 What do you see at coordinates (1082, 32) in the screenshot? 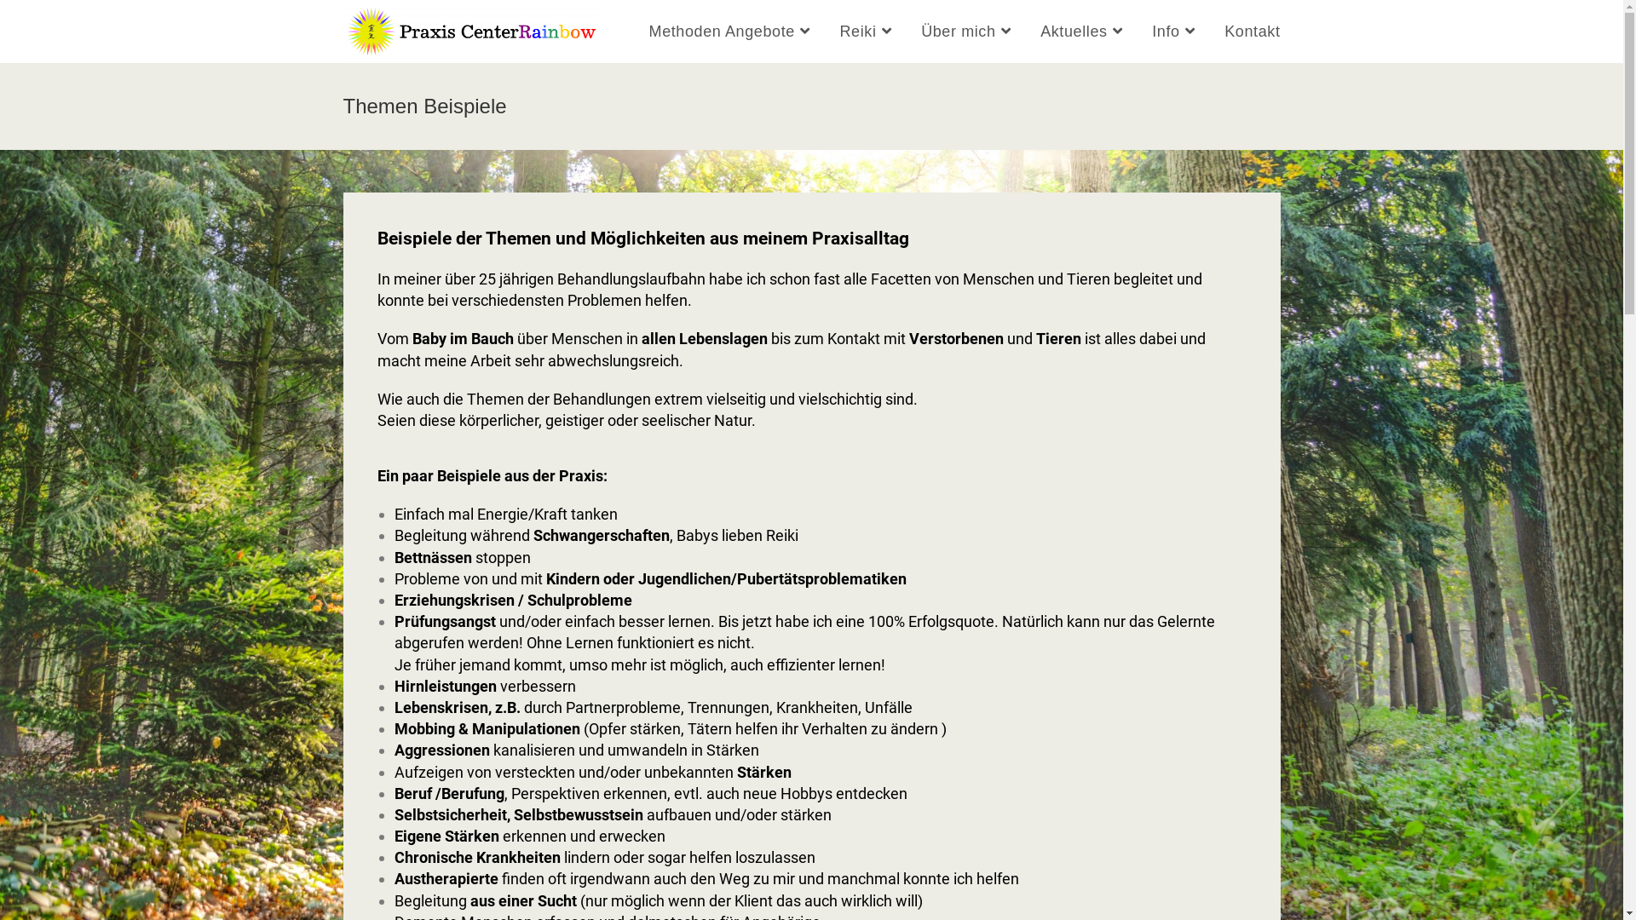
I see `'Aktuelles'` at bounding box center [1082, 32].